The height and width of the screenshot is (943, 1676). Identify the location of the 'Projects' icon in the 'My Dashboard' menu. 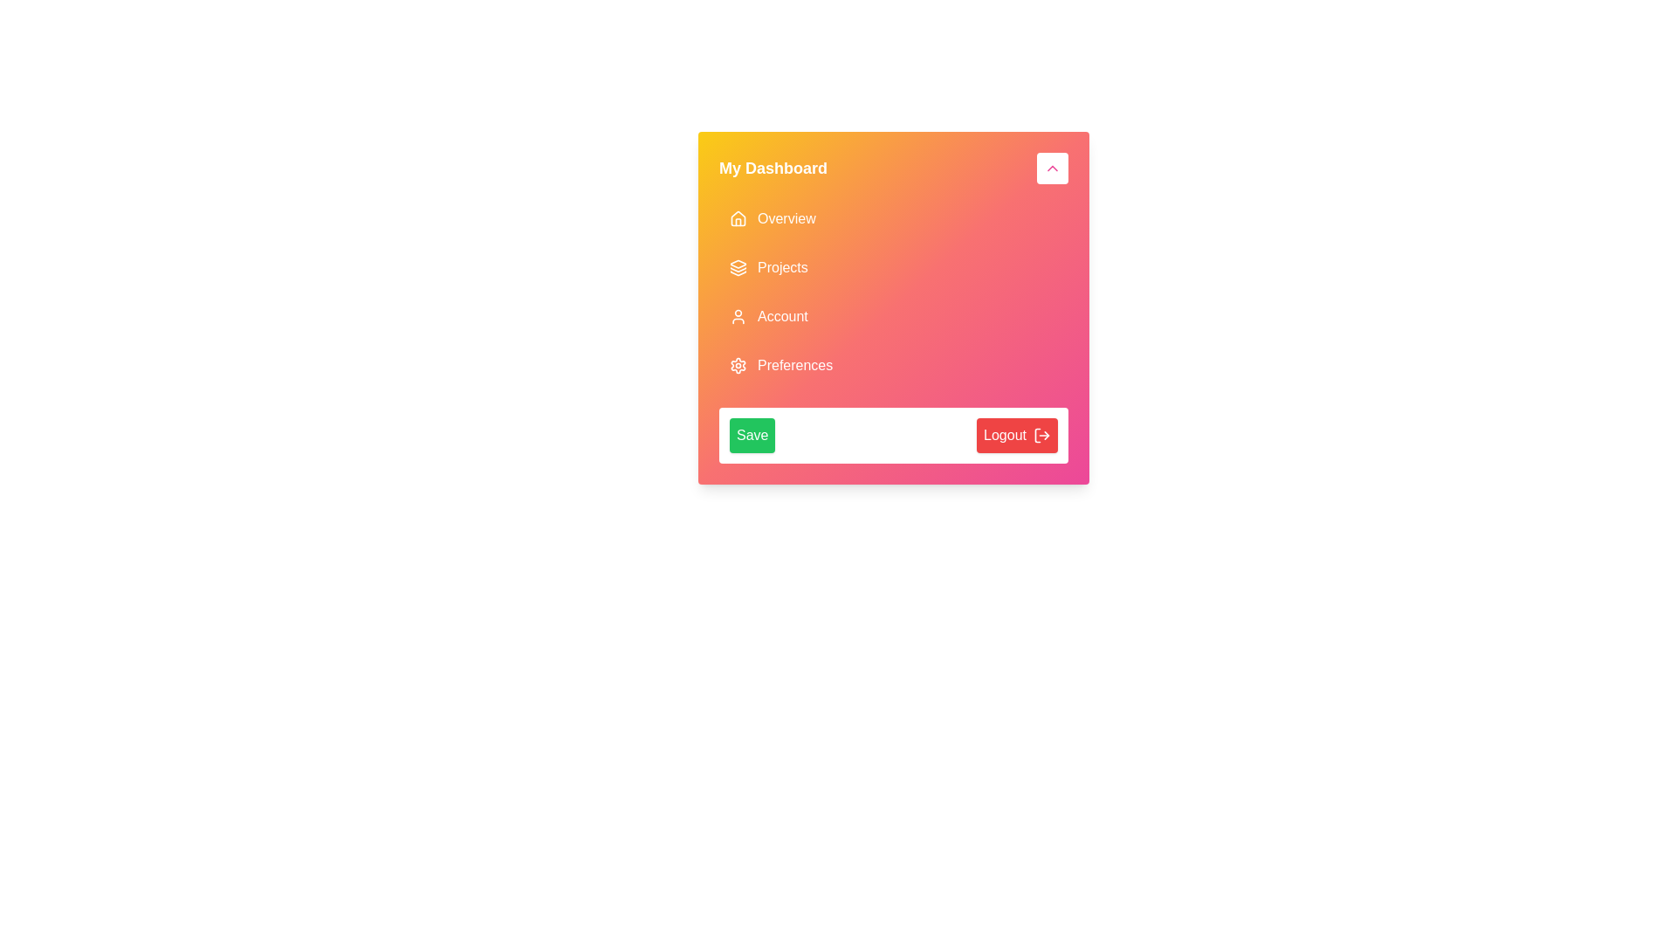
(738, 268).